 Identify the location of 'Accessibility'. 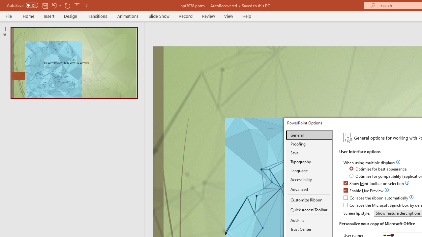
(309, 179).